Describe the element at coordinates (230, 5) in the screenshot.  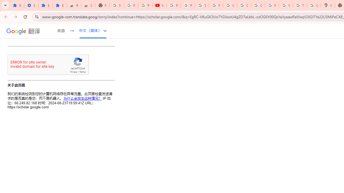
I see `'Google Account'` at that location.